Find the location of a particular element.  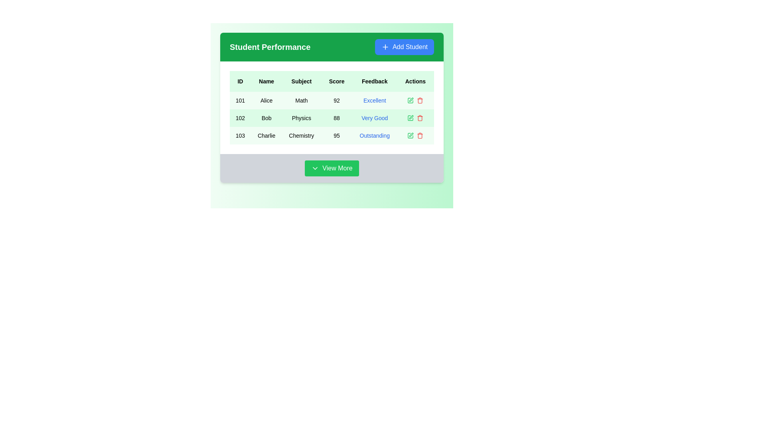

the static text label displaying the name 'Alice' in the second column of the first row of the student performance table is located at coordinates (267, 100).